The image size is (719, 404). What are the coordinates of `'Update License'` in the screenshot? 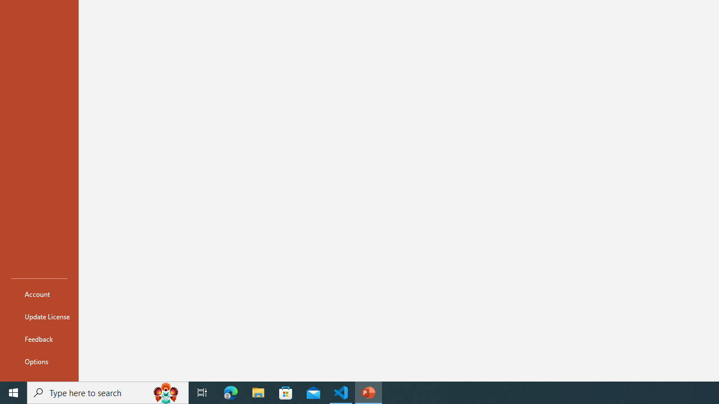 It's located at (39, 316).